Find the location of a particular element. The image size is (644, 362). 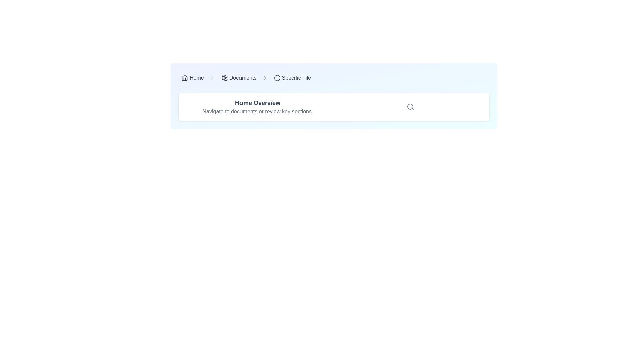

the navigational breadcrumb label indicating the 'Documents' section, positioned between 'Home' and 'Specific File' in the breadcrumb navigation bar is located at coordinates (243, 77).